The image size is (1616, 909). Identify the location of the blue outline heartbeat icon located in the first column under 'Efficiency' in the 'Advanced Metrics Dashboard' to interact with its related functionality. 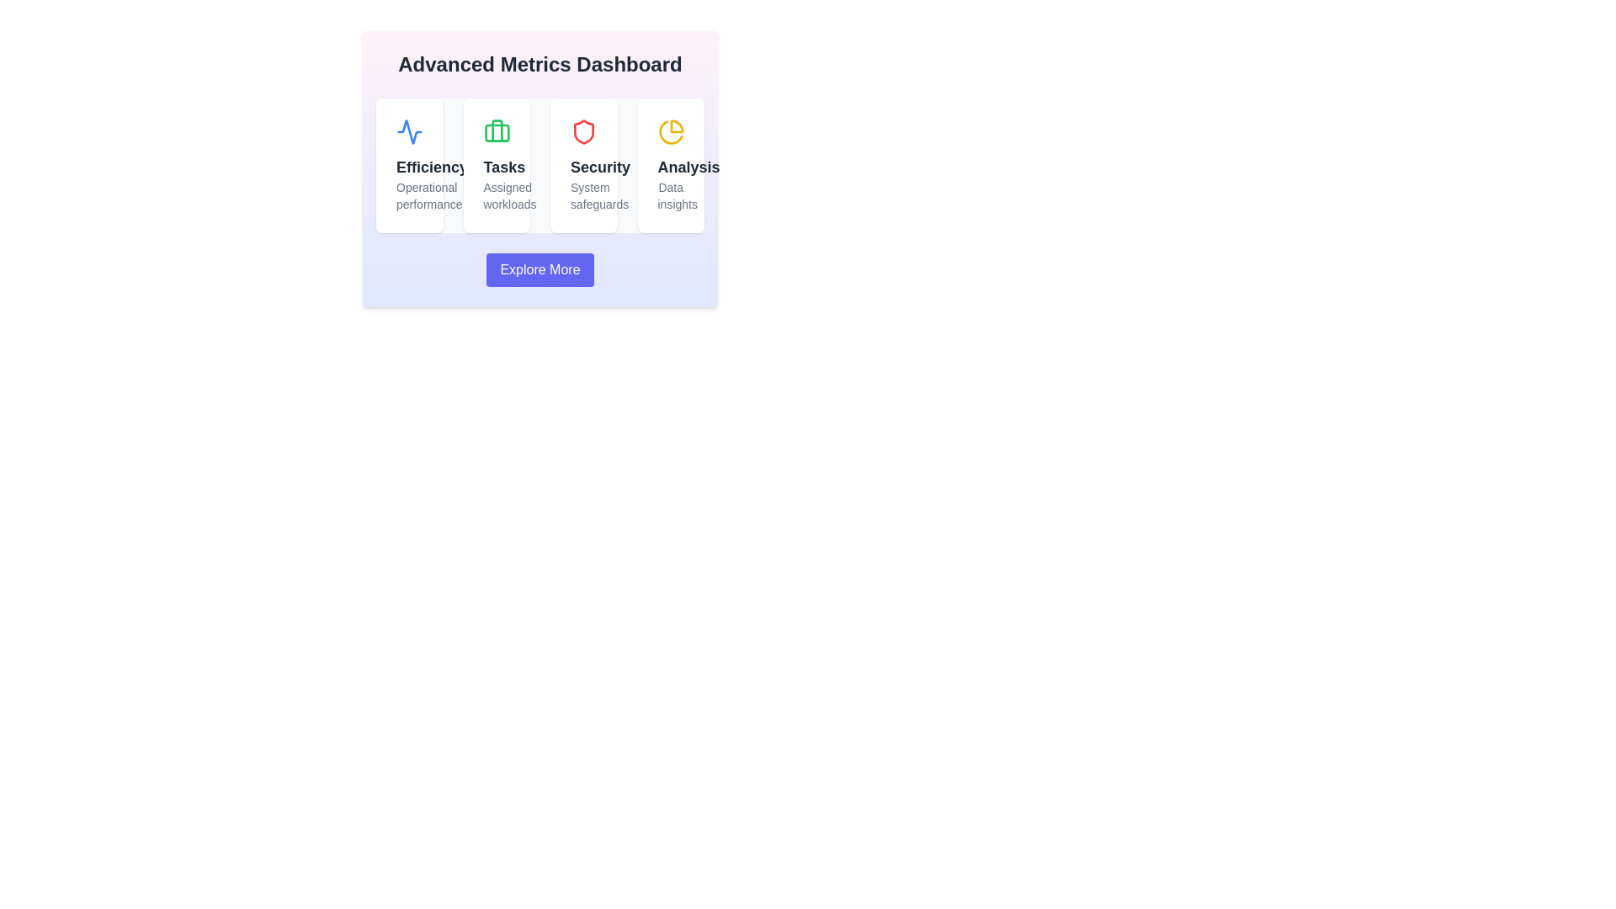
(409, 131).